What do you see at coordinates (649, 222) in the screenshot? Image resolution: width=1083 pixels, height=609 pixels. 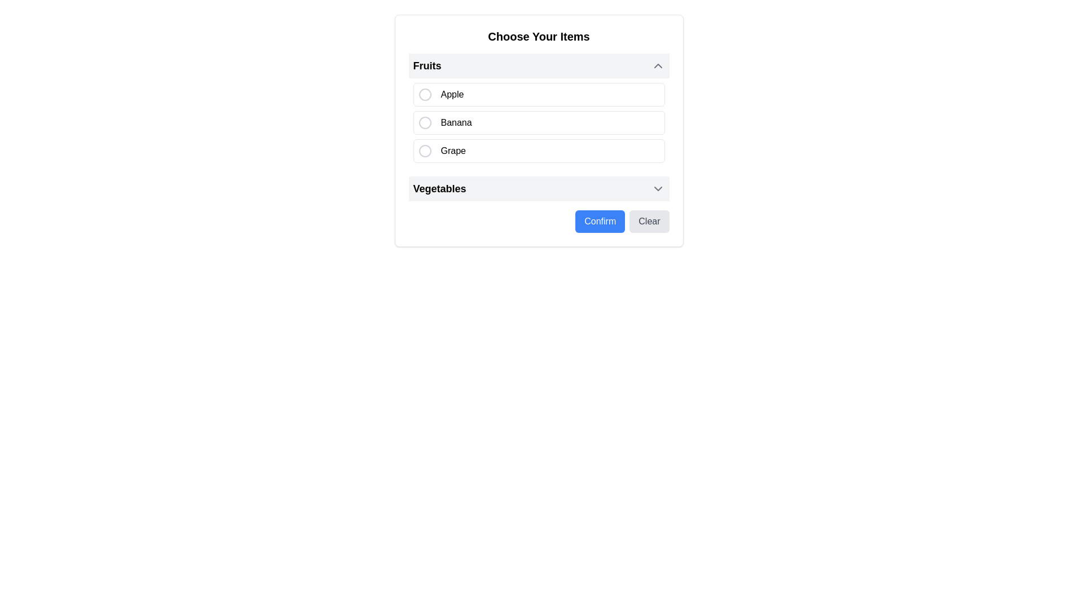 I see `the reset button located to the right of the blue 'Confirm' button at the bottom-right of the panel to observe its hover effect` at bounding box center [649, 222].